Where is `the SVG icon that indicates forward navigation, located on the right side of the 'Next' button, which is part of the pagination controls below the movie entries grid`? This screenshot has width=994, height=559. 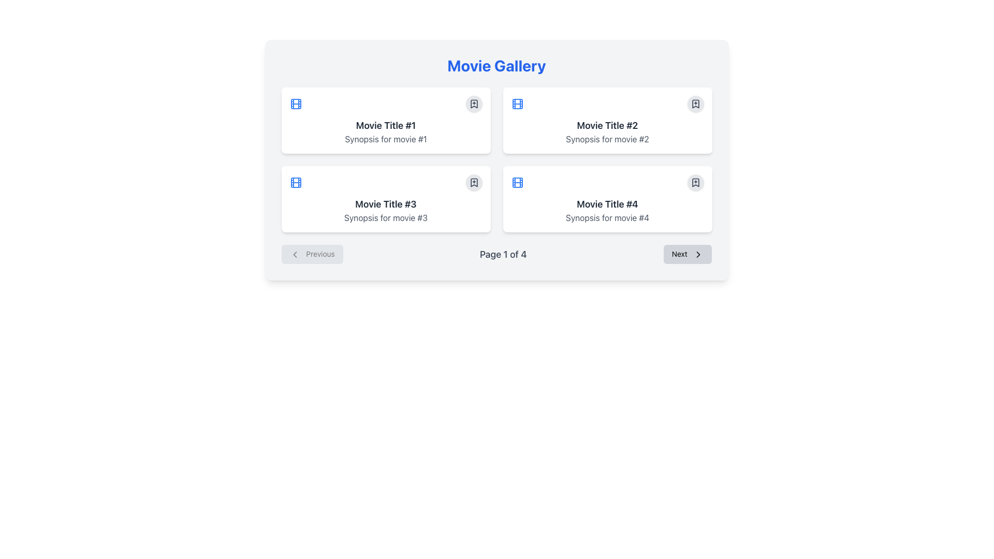
the SVG icon that indicates forward navigation, located on the right side of the 'Next' button, which is part of the pagination controls below the movie entries grid is located at coordinates (698, 255).